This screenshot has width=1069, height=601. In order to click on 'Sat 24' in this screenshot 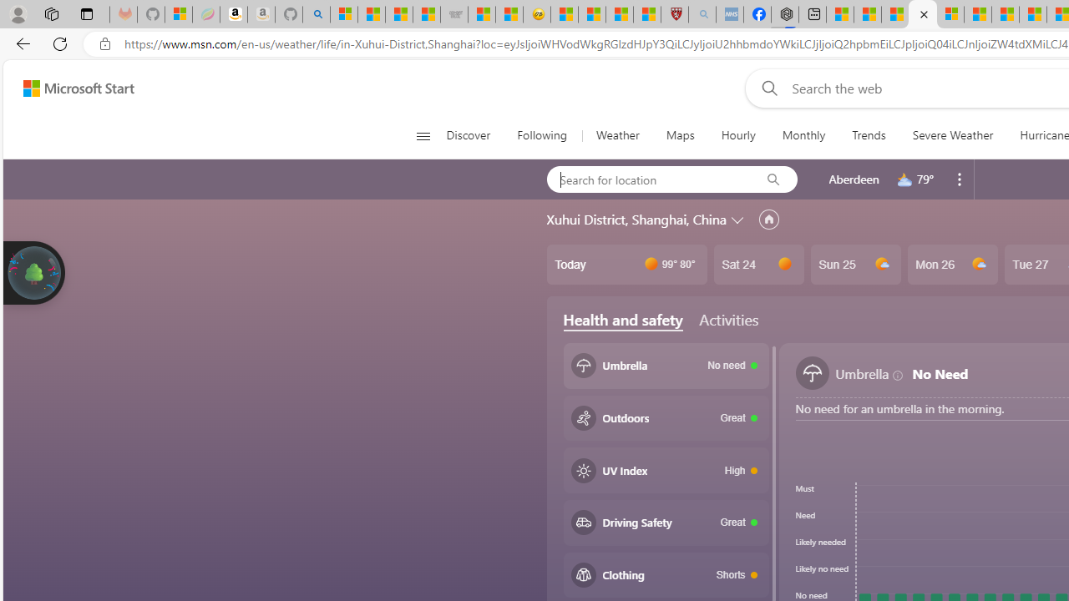, I will do `click(757, 264)`.